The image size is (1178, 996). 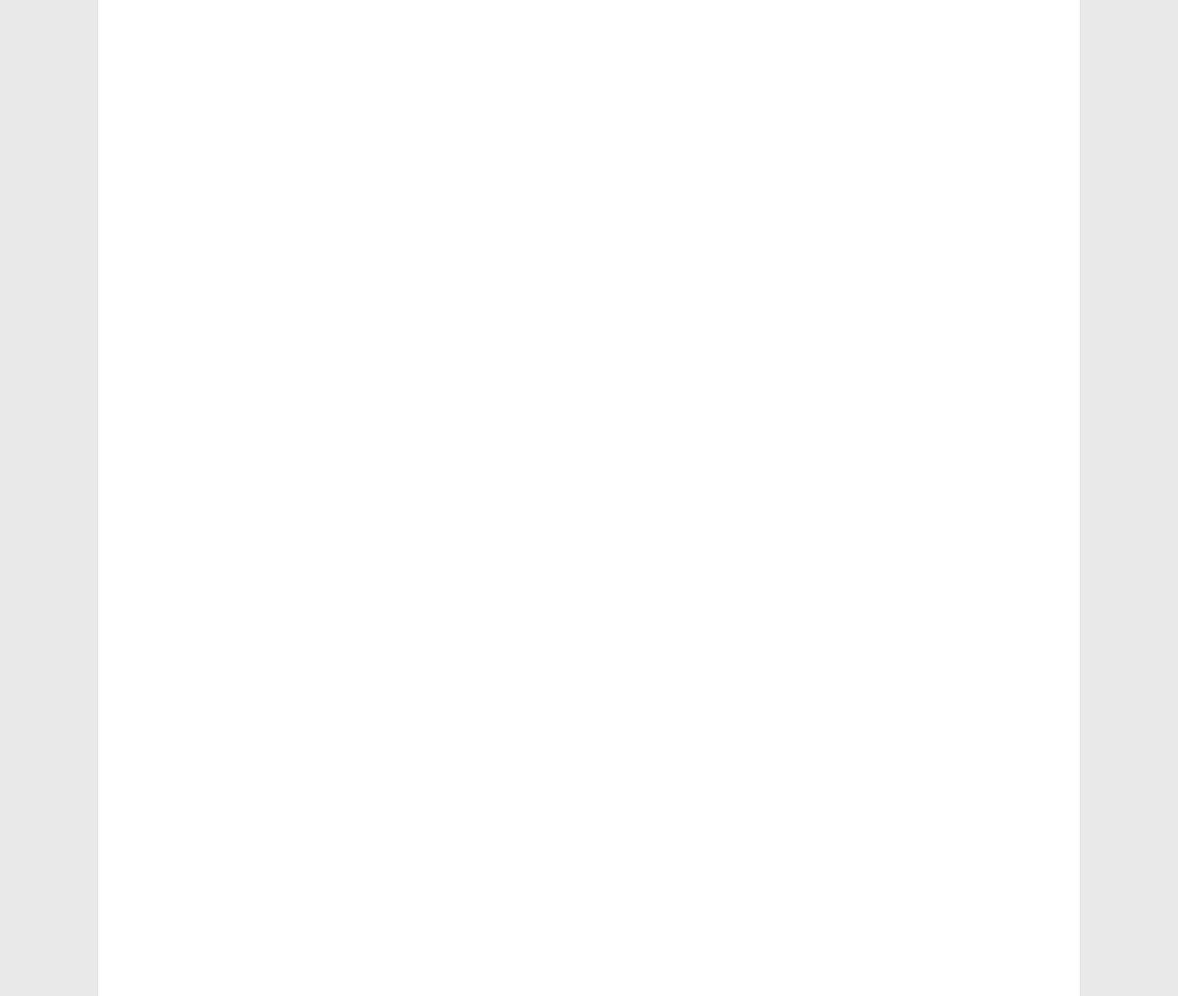 What do you see at coordinates (867, 739) in the screenshot?
I see `'vector'` at bounding box center [867, 739].